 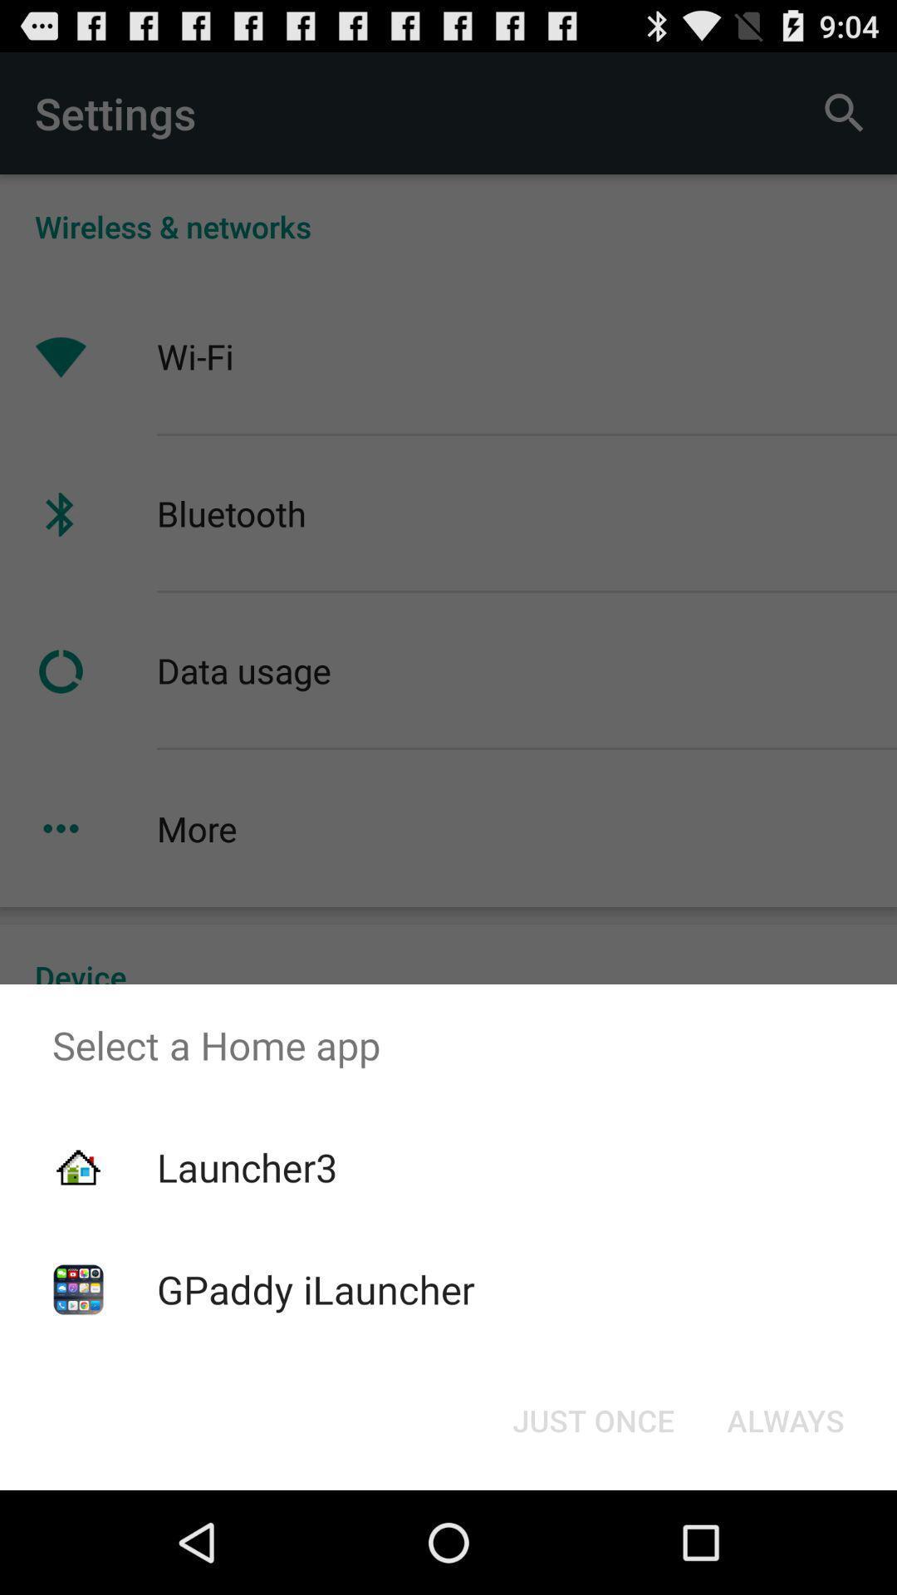 What do you see at coordinates (592, 1419) in the screenshot?
I see `the icon to the left of the always item` at bounding box center [592, 1419].